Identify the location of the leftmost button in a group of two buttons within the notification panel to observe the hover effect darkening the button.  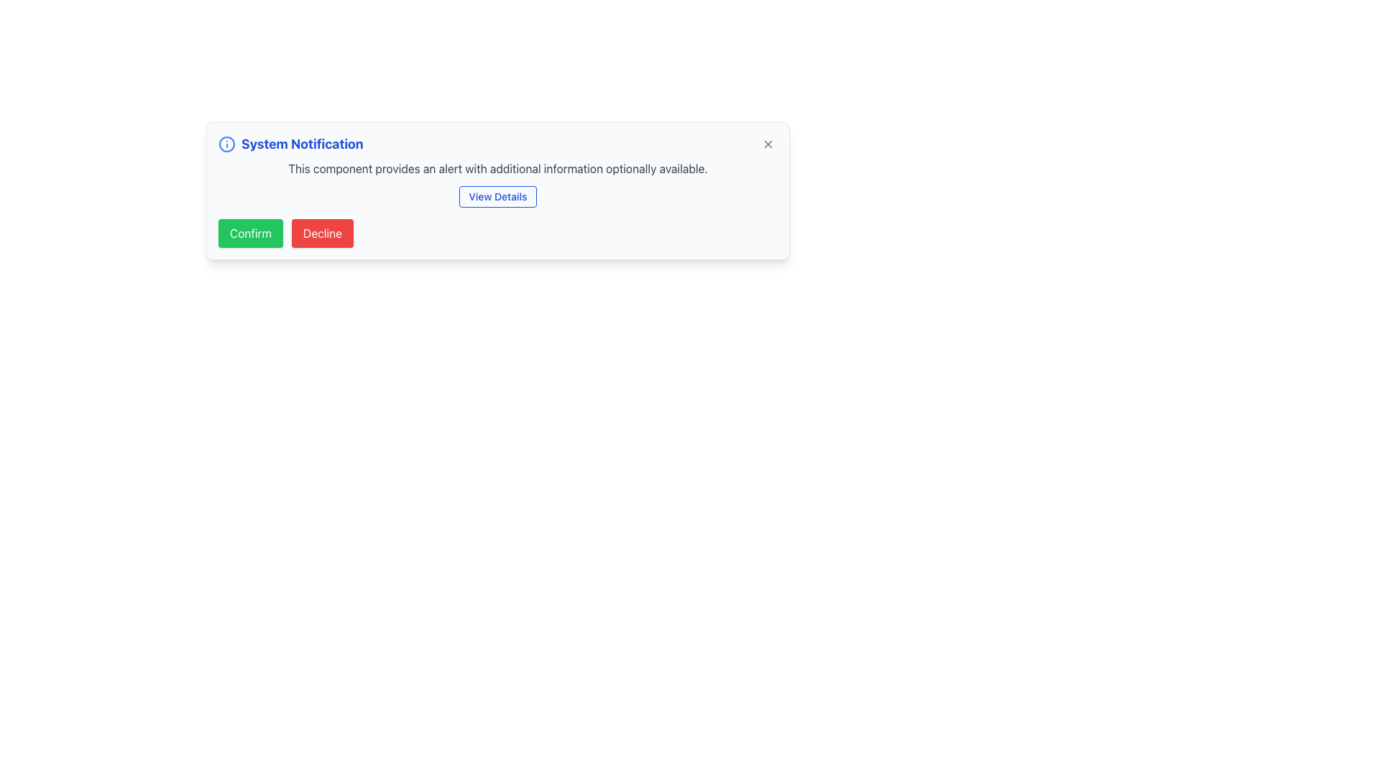
(251, 232).